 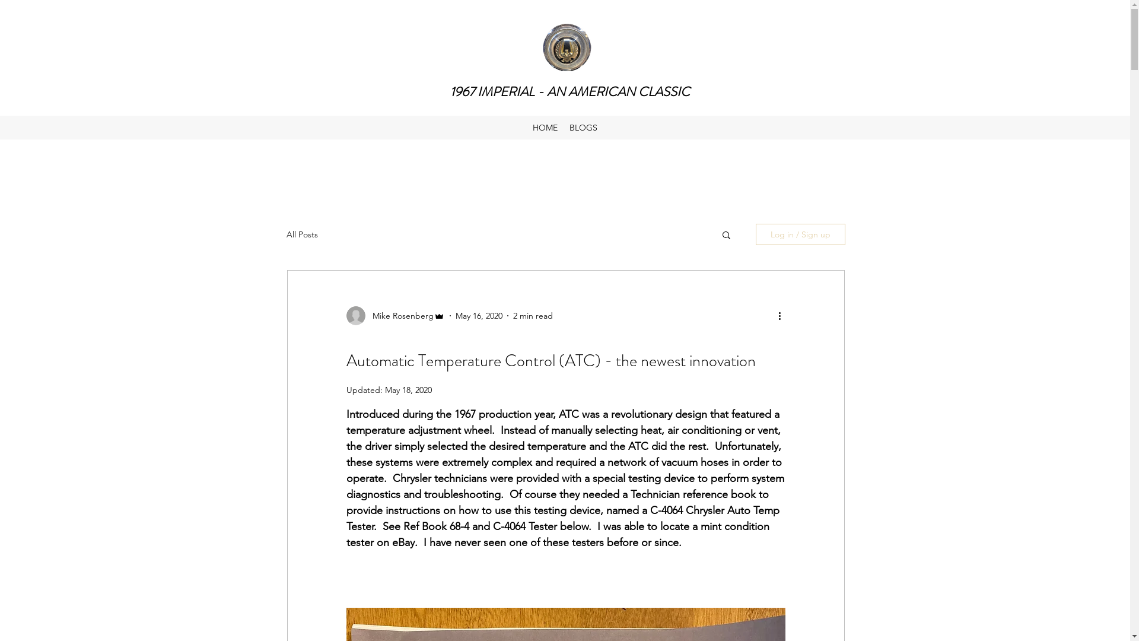 What do you see at coordinates (569, 91) in the screenshot?
I see `'1967 IMPERIAL - AN AMERICAN CLASSIC'` at bounding box center [569, 91].